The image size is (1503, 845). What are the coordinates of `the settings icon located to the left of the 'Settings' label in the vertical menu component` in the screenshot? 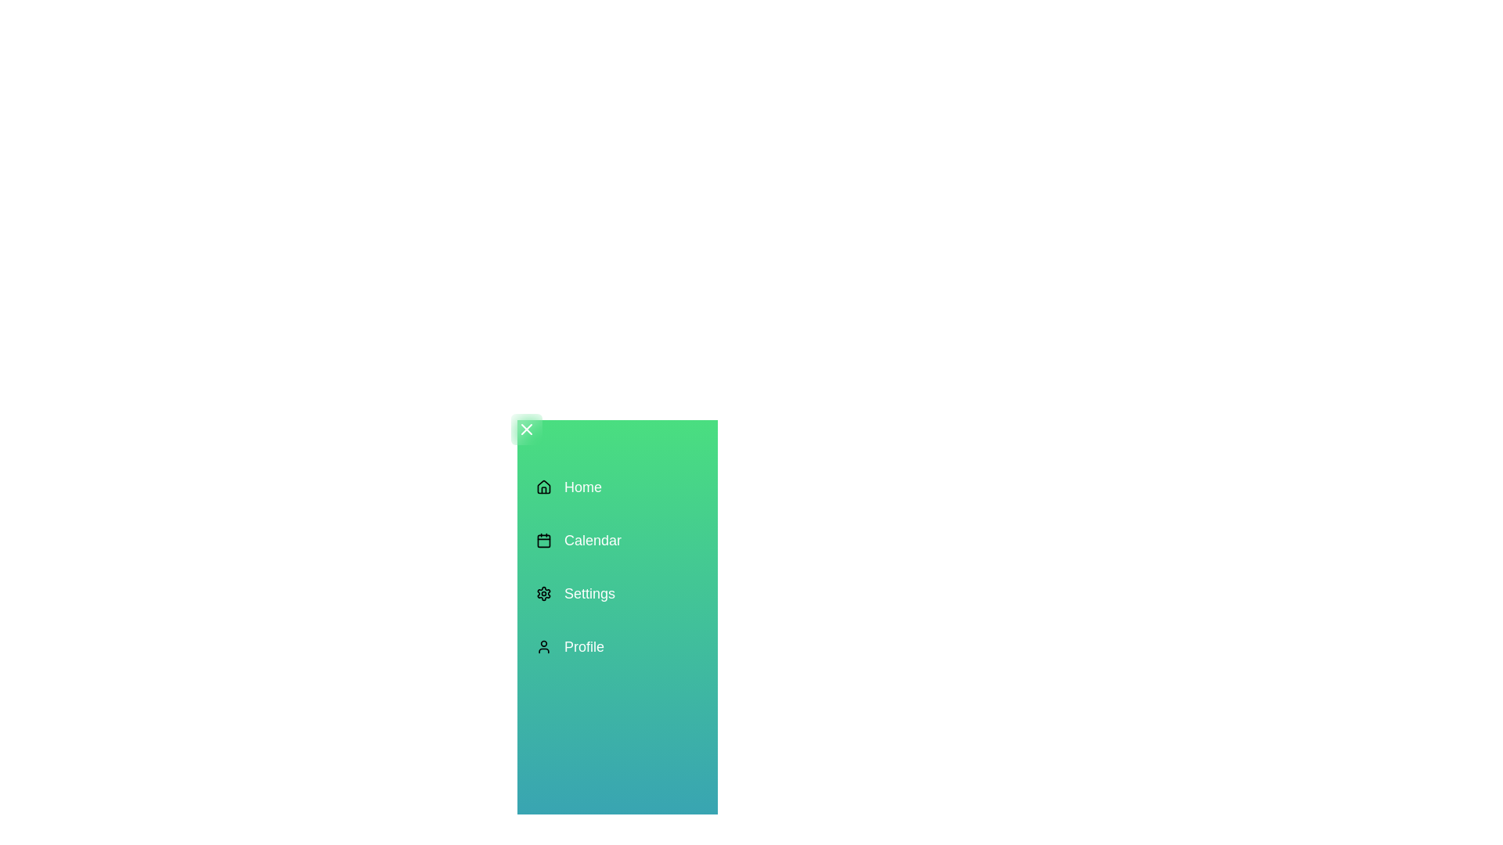 It's located at (544, 594).